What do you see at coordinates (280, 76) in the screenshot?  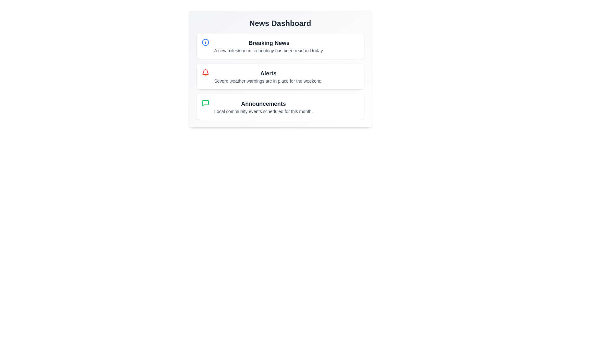 I see `the second news item in the NewsDashboard component` at bounding box center [280, 76].